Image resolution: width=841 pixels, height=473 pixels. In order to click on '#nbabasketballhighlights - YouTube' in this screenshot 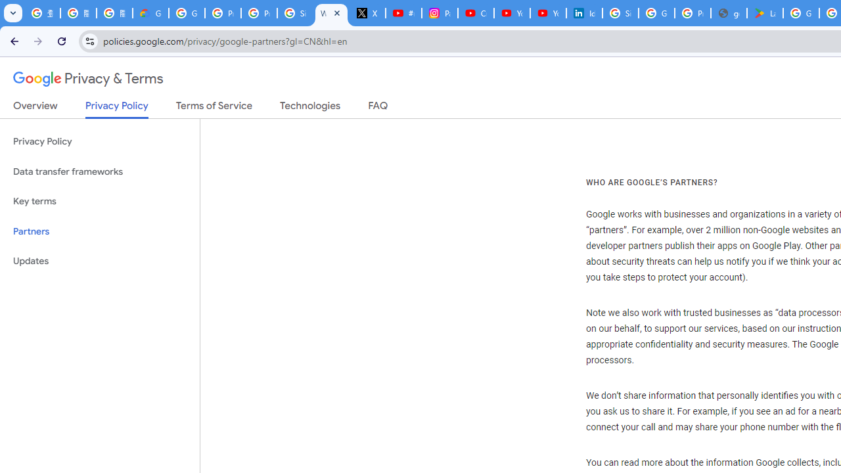, I will do `click(403, 13)`.